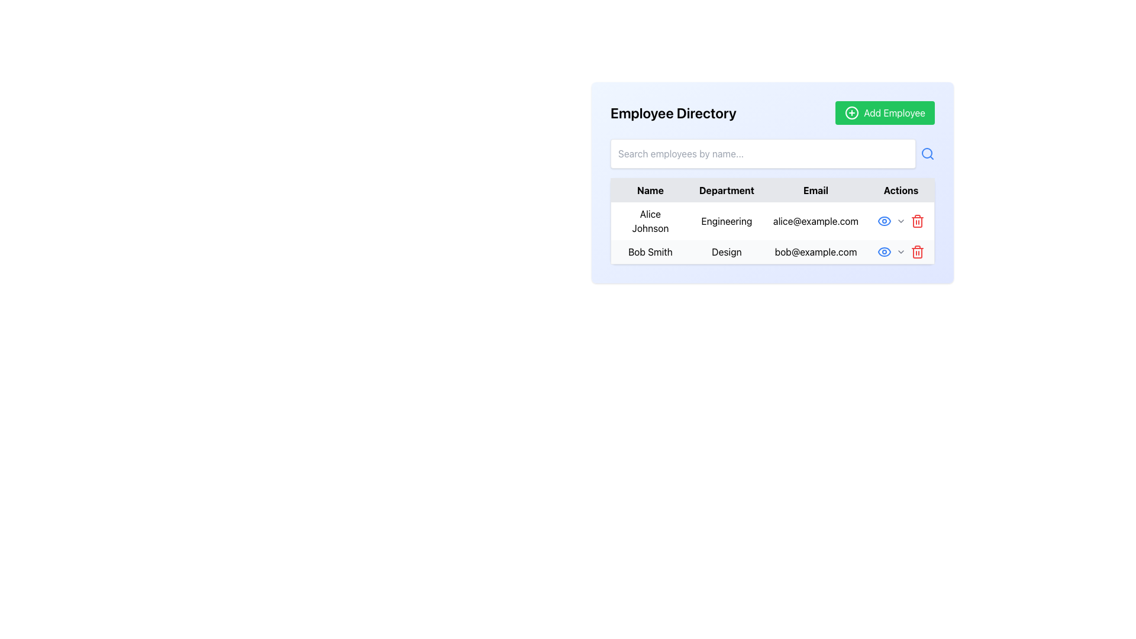  What do you see at coordinates (901, 189) in the screenshot?
I see `the 'Actions' text label in the table header, which is bold black on a light gray background and located in the fourth column of the header row` at bounding box center [901, 189].